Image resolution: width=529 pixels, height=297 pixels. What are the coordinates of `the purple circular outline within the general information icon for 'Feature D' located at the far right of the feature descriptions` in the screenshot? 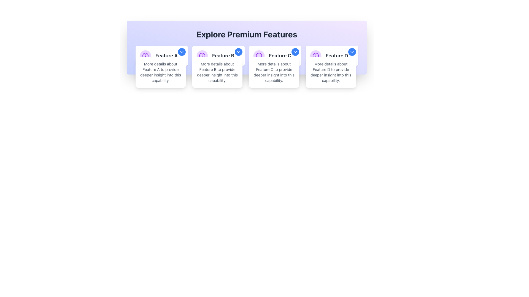 It's located at (316, 56).